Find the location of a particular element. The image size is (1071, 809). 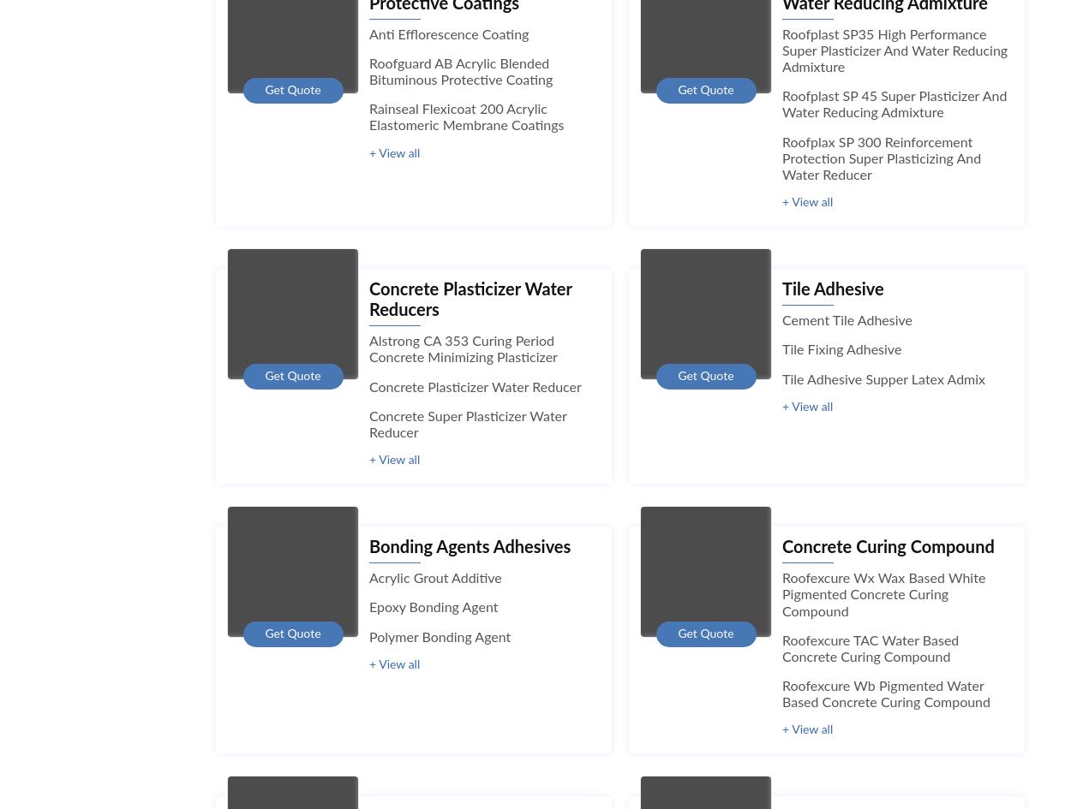

'Roofguard AB Acrylic Blended Bituminous Protective Coating' is located at coordinates (461, 71).